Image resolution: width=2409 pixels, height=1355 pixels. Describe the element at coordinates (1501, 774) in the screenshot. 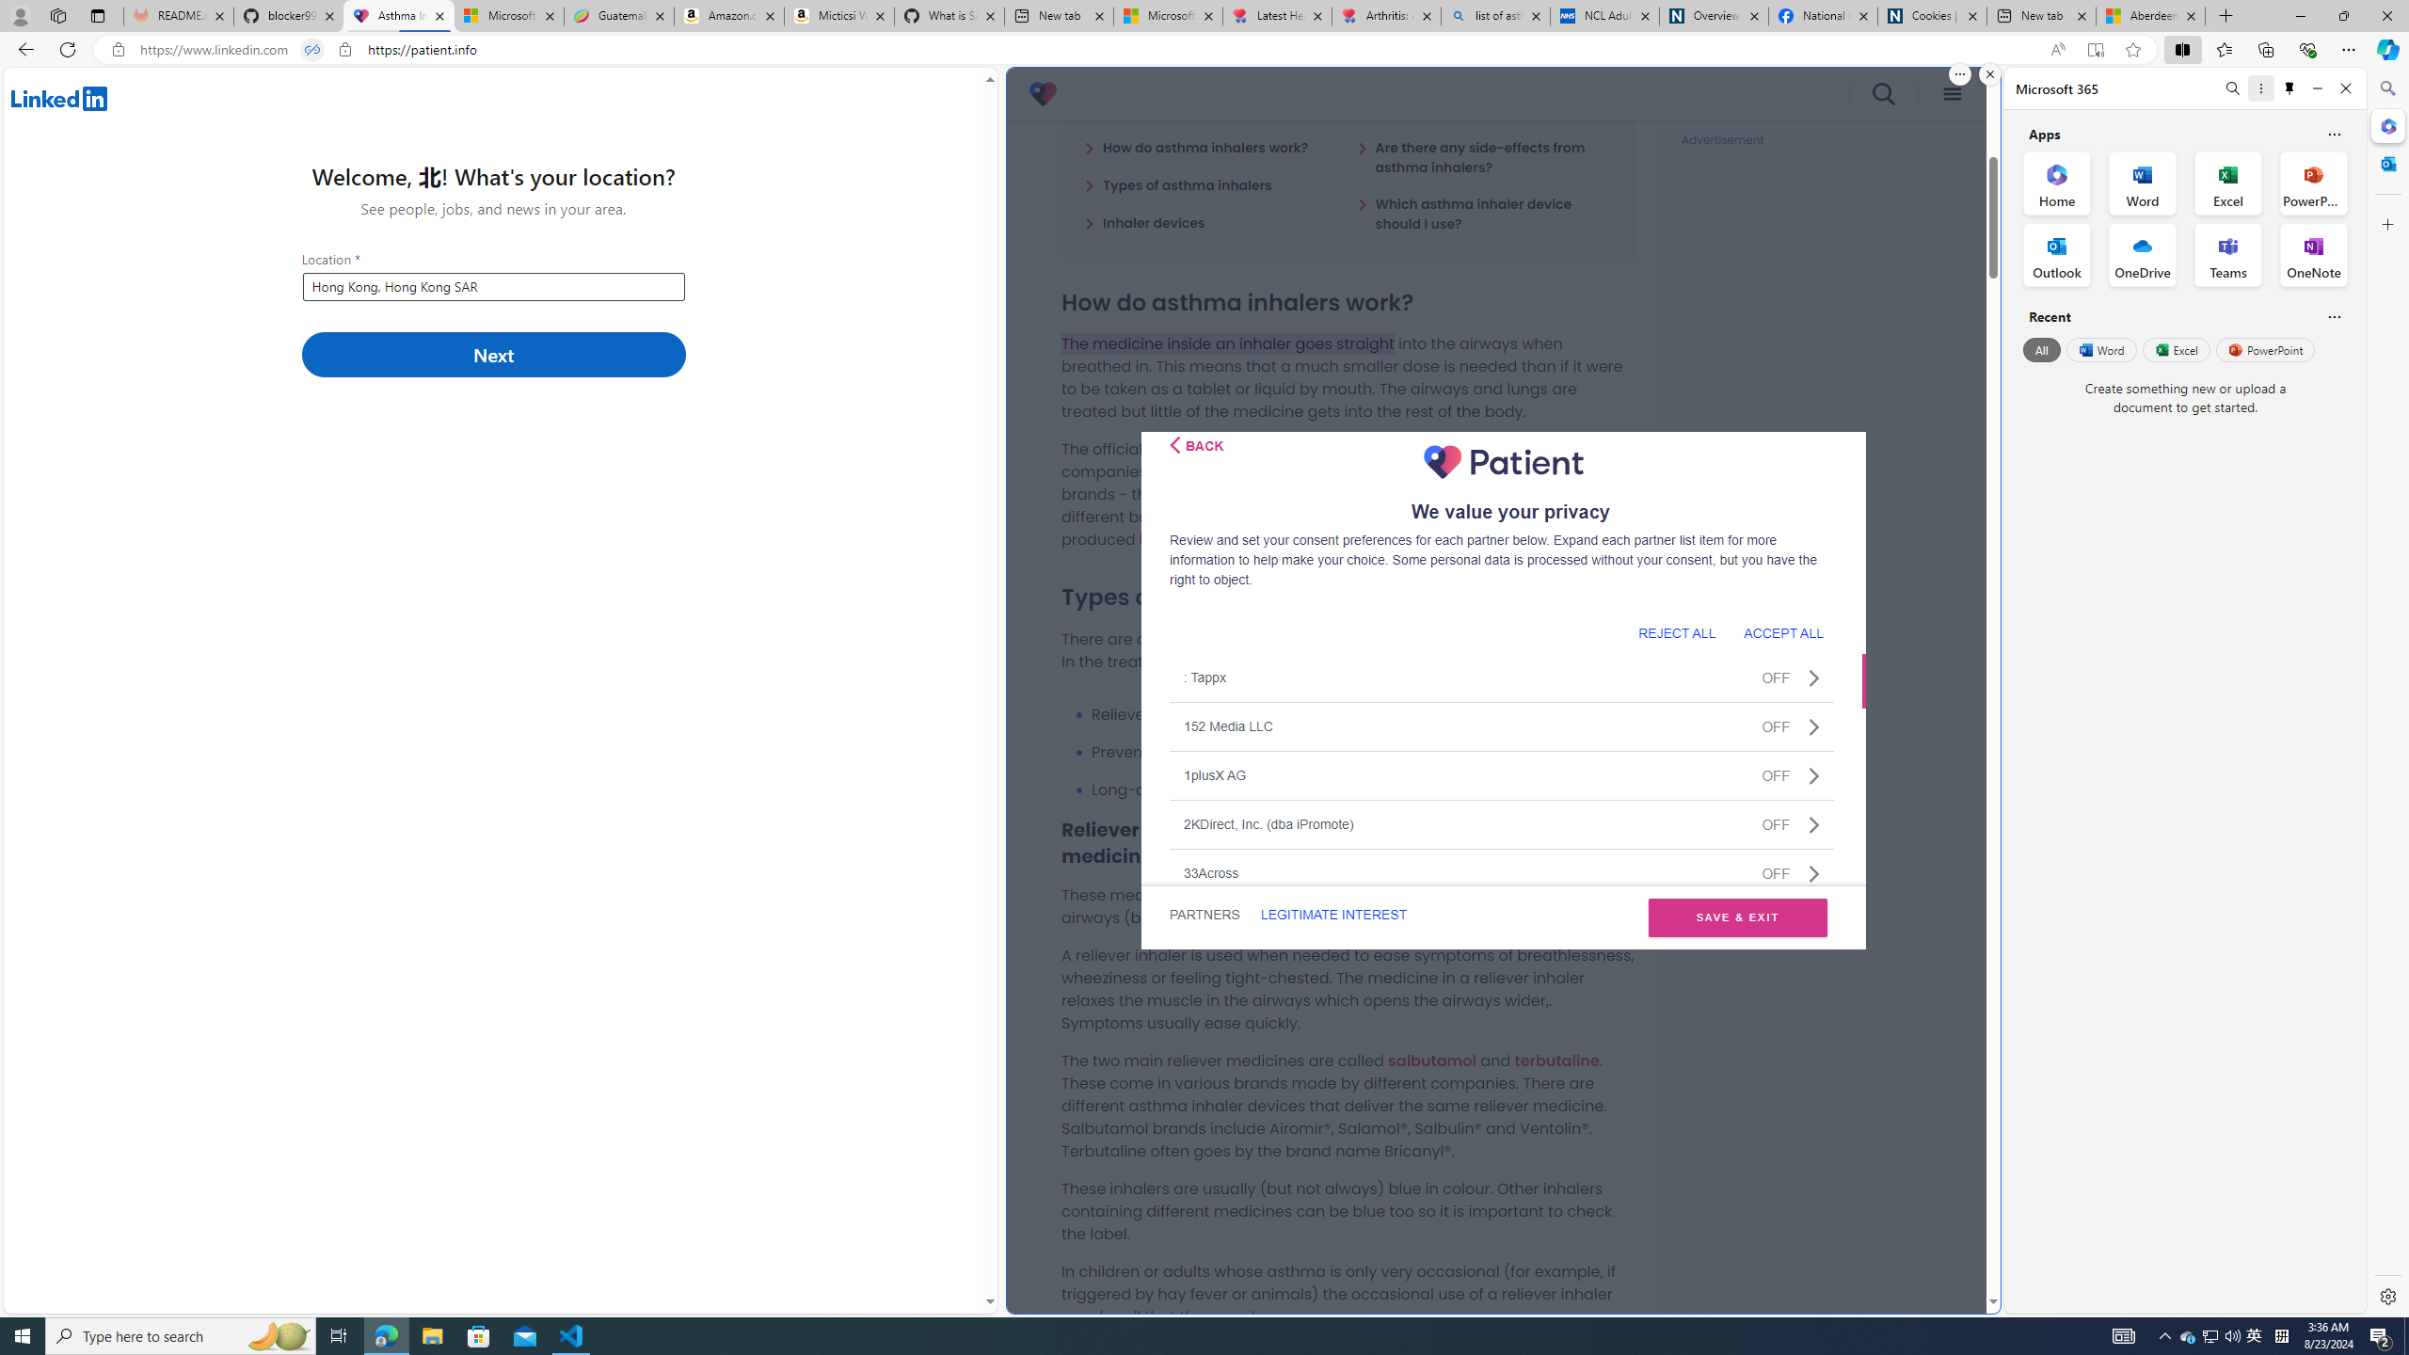

I see `'1plusX AGOFF'` at that location.